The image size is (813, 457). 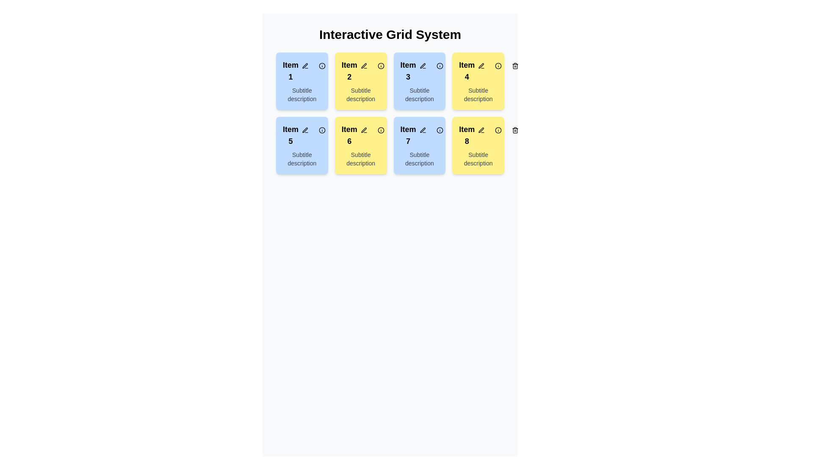 What do you see at coordinates (305, 65) in the screenshot?
I see `the SVG icon resembling a pen located in the top-left card labeled 'Item 1' in the grid layout` at bounding box center [305, 65].